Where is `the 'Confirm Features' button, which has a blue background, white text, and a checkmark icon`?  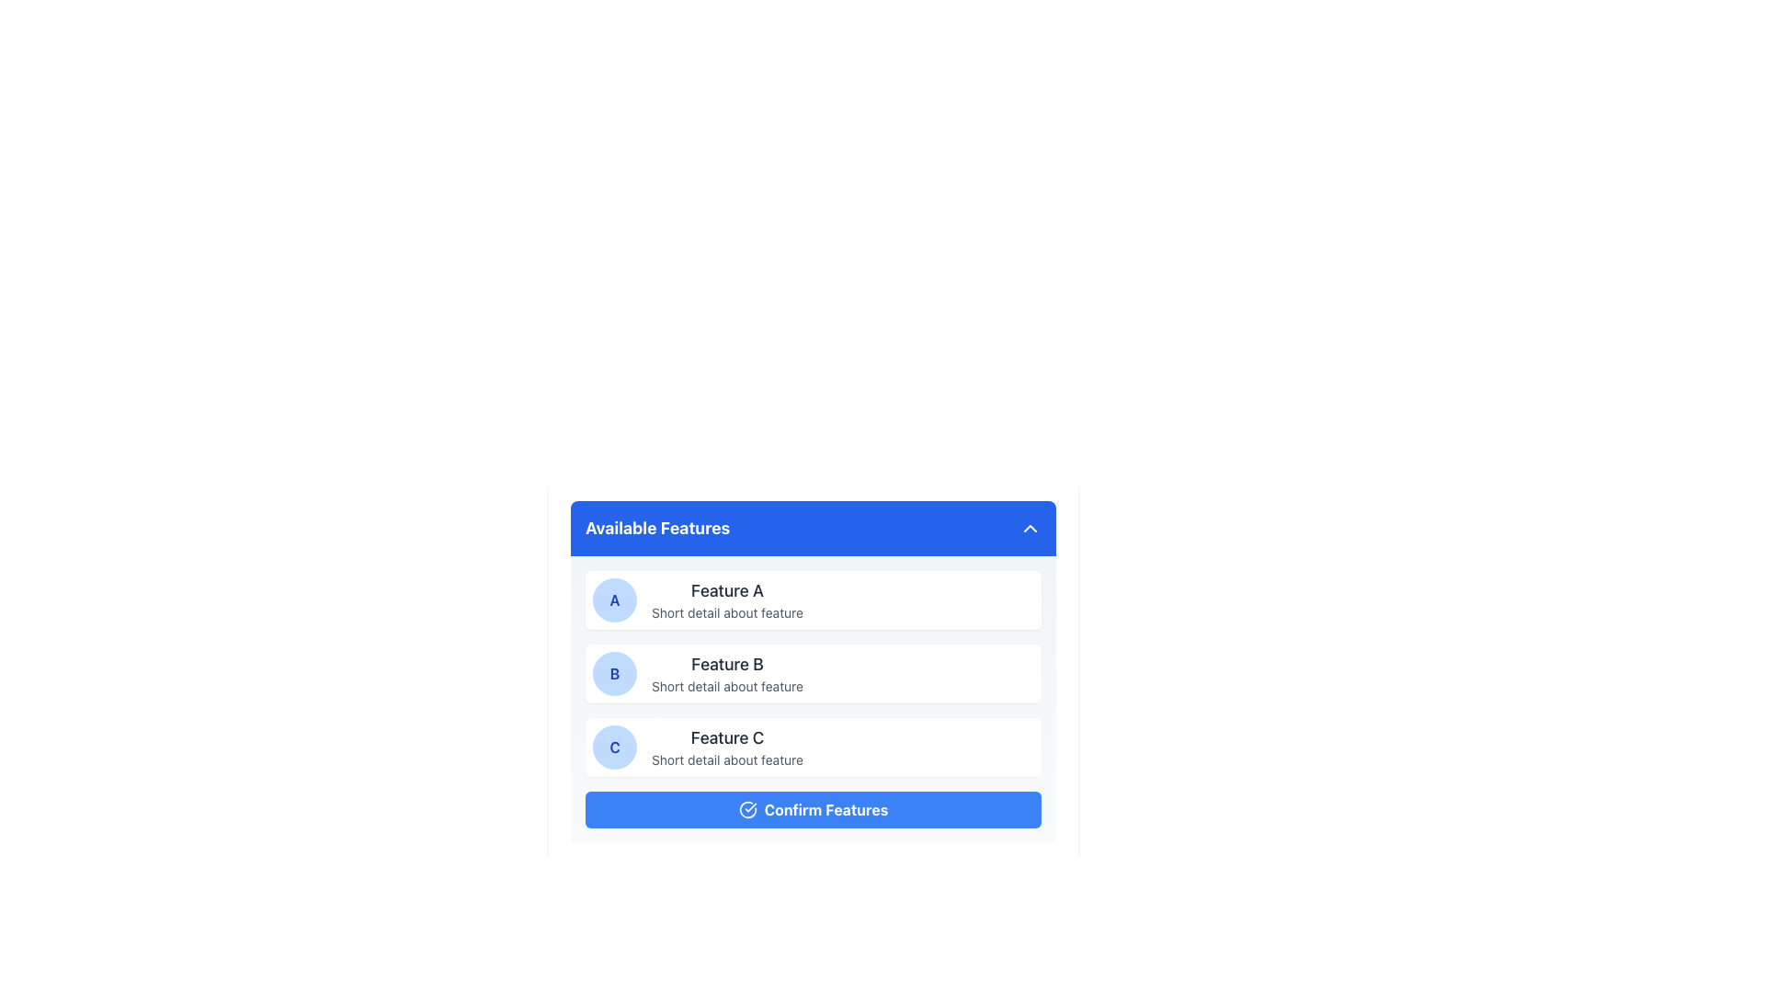 the 'Confirm Features' button, which has a blue background, white text, and a checkmark icon is located at coordinates (812, 808).